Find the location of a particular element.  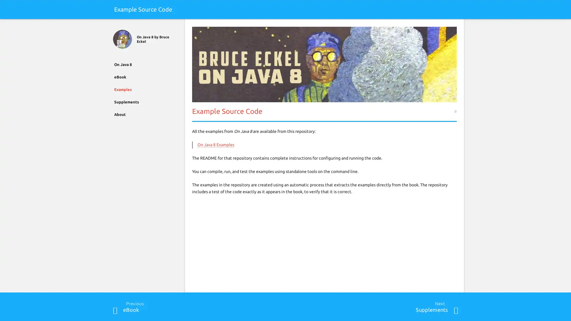

Close is located at coordinates (115, 26).